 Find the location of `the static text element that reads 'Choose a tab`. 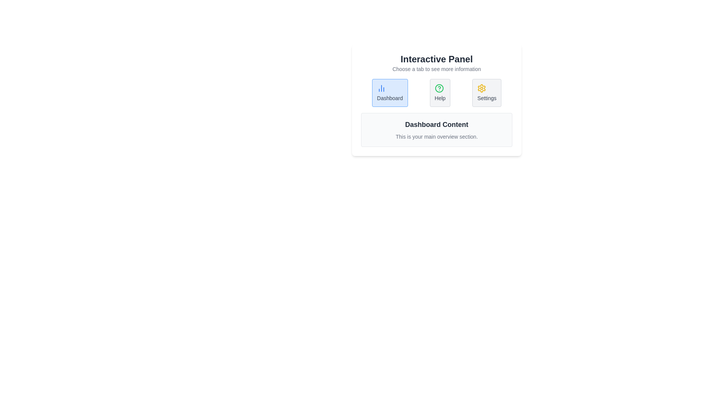

the static text element that reads 'Choose a tab is located at coordinates (437, 69).